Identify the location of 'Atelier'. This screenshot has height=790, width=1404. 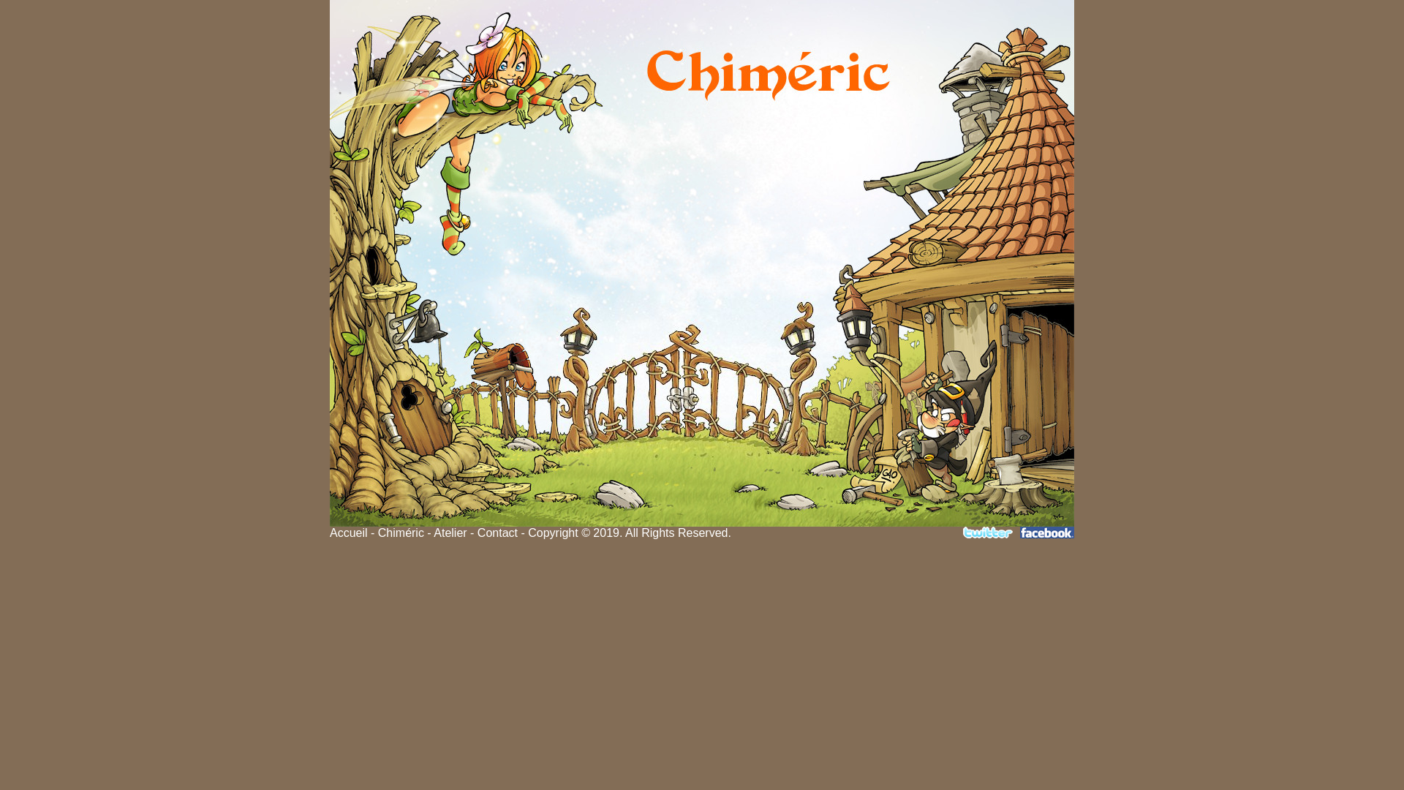
(449, 533).